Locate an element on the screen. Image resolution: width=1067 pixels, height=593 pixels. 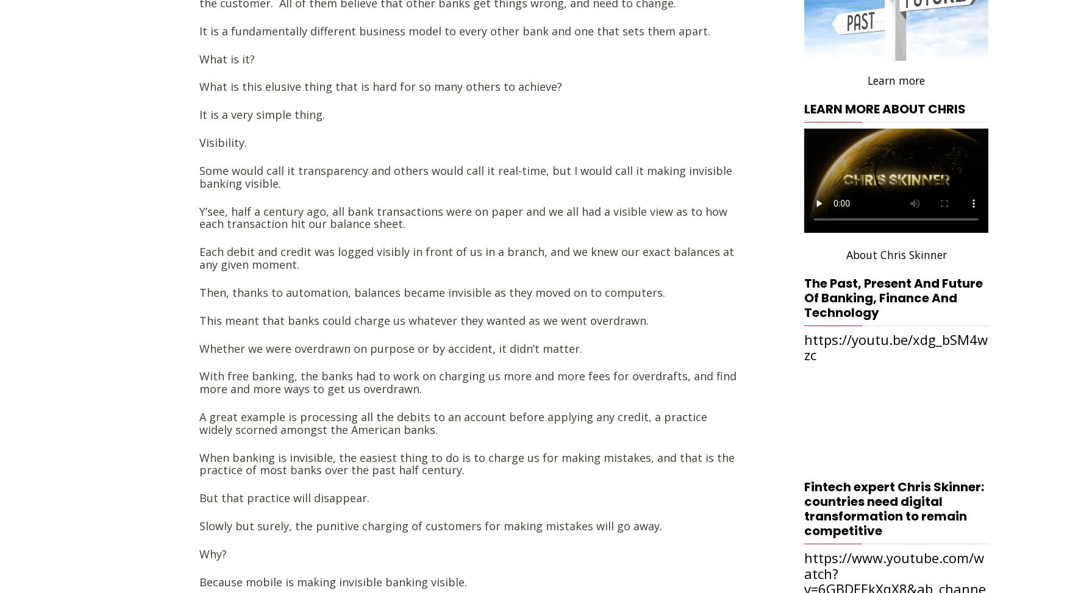
'Whether we were overdrawn on purpose or by accident, it didn’t matter.' is located at coordinates (390, 347).